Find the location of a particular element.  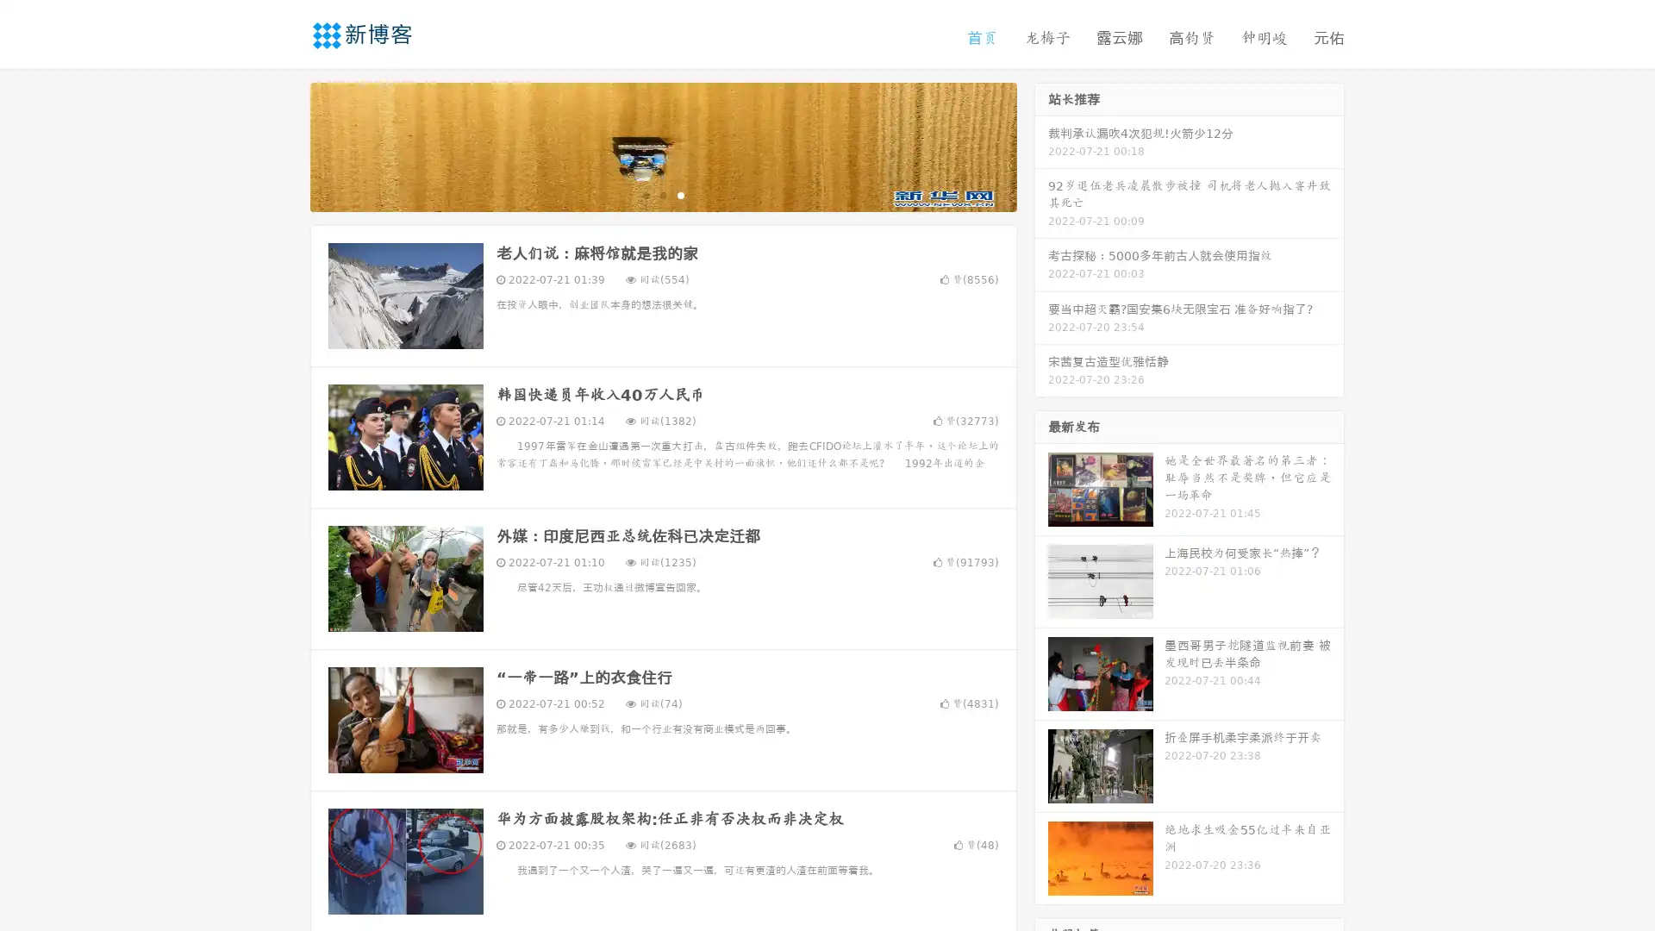

Previous slide is located at coordinates (284, 145).